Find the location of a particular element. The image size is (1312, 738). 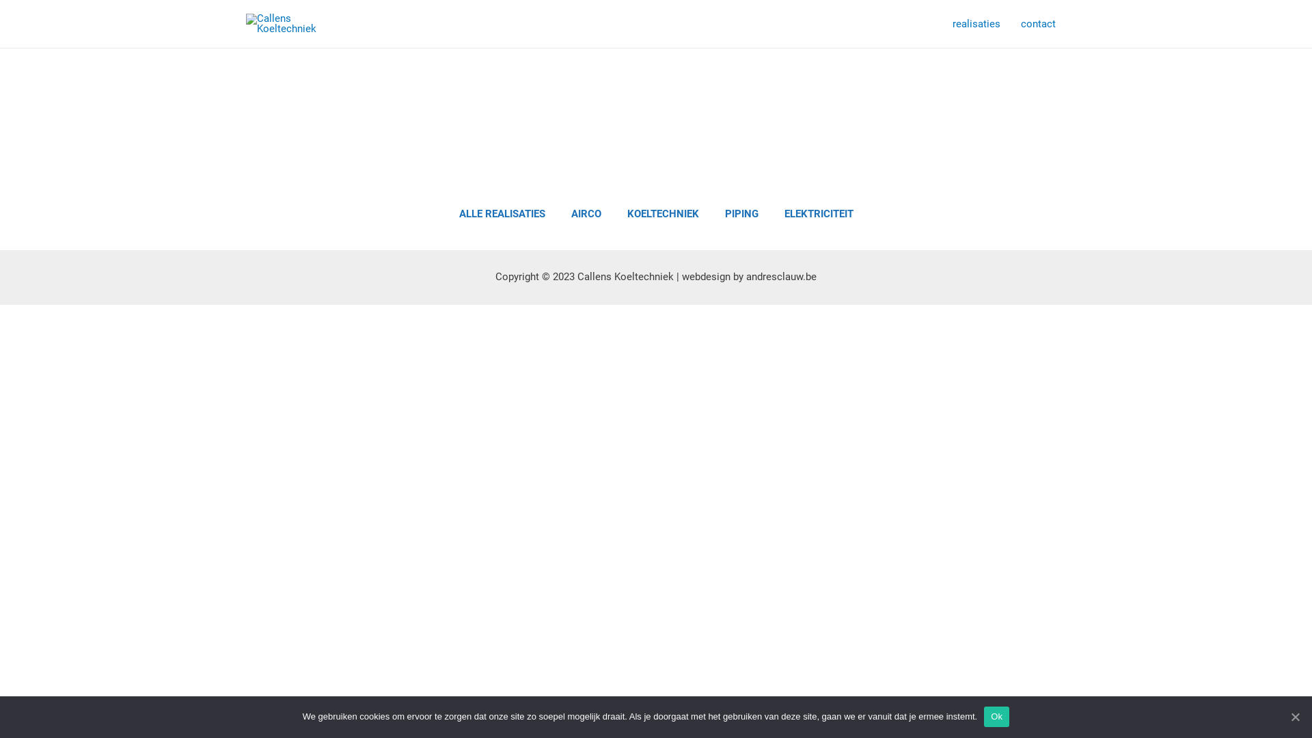

'PIPING' is located at coordinates (714, 214).